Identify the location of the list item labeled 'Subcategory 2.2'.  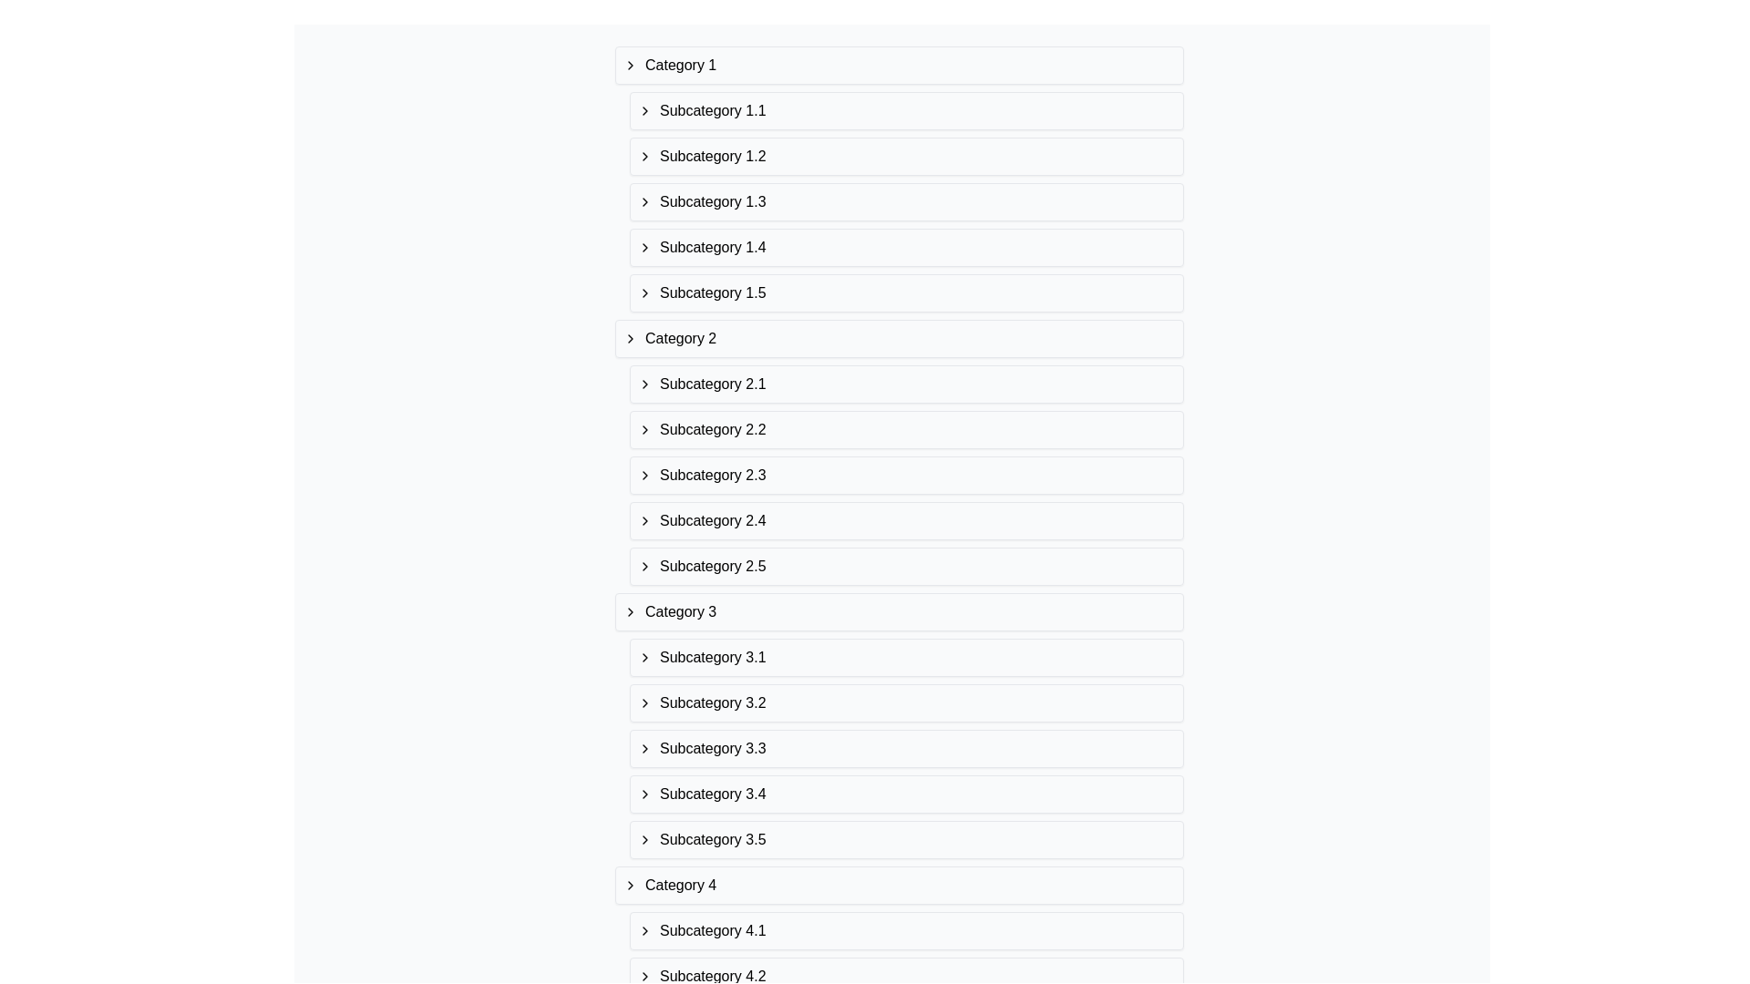
(906, 429).